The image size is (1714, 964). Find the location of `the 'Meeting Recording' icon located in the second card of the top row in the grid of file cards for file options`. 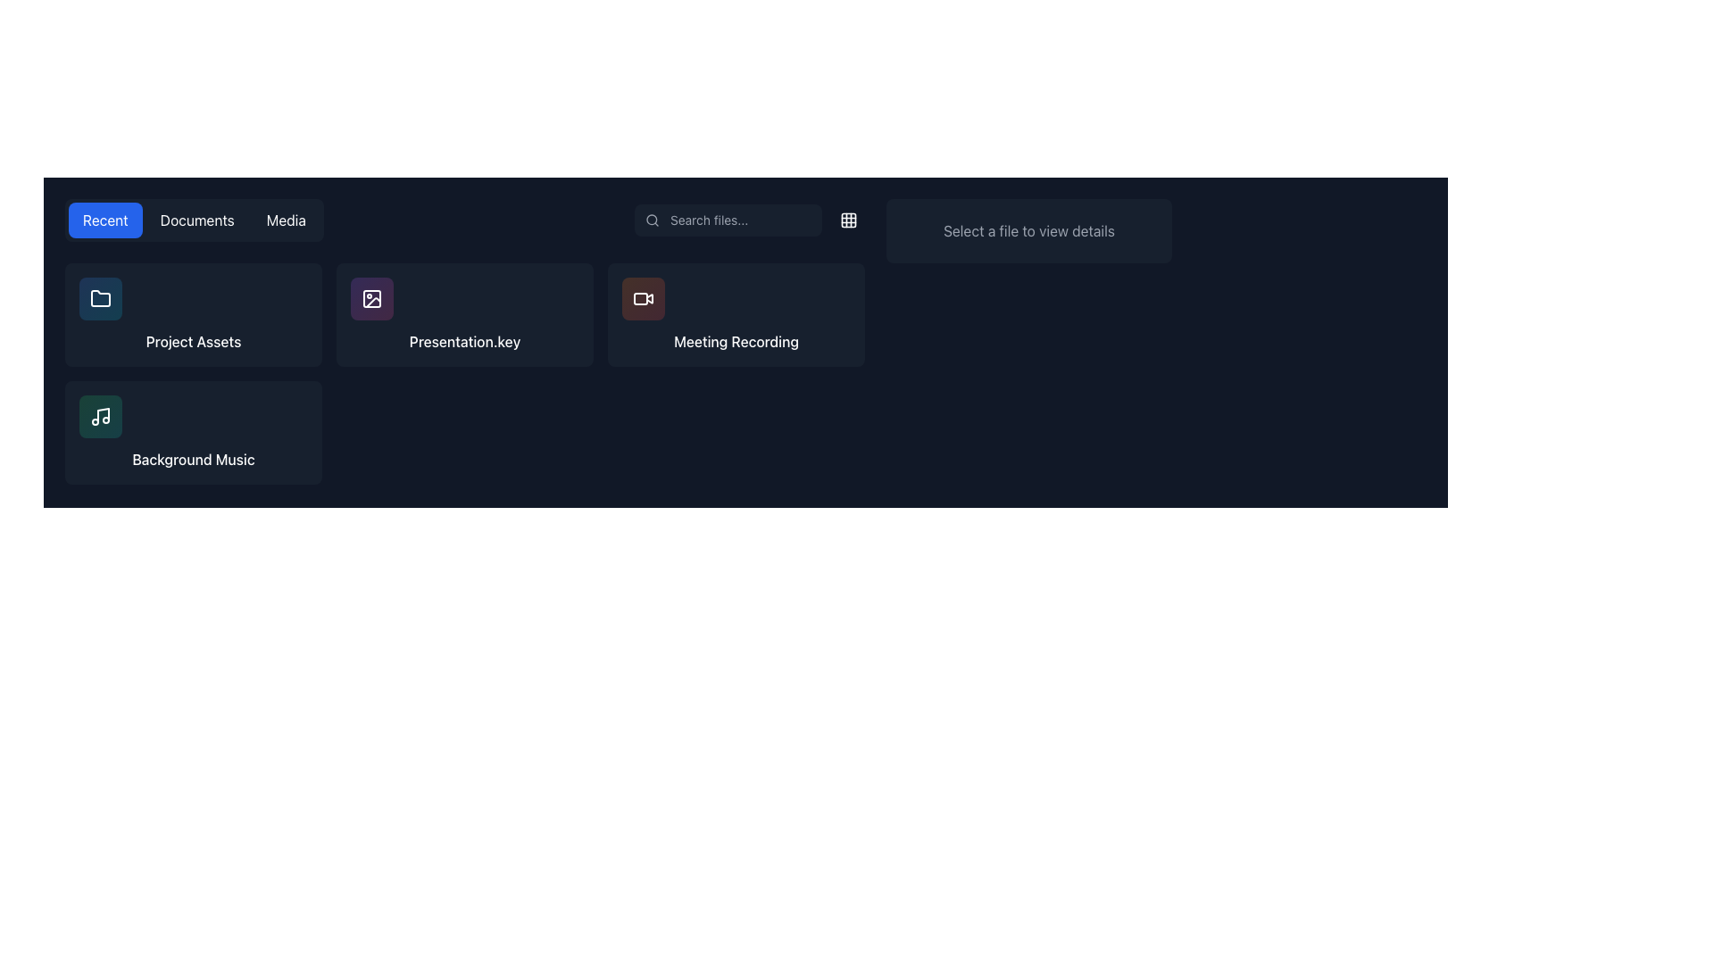

the 'Meeting Recording' icon located in the second card of the top row in the grid of file cards for file options is located at coordinates (643, 298).